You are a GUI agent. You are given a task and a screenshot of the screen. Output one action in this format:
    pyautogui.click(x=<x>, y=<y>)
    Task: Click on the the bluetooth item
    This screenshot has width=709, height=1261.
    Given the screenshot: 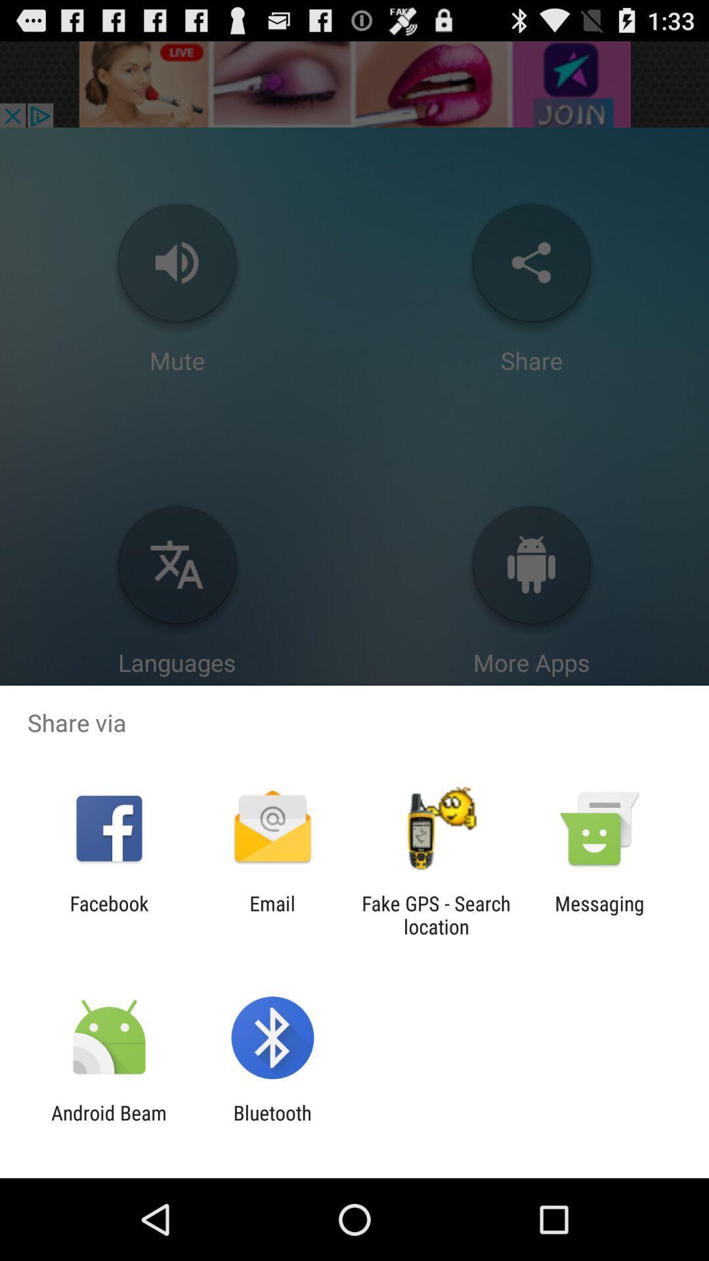 What is the action you would take?
    pyautogui.click(x=272, y=1124)
    